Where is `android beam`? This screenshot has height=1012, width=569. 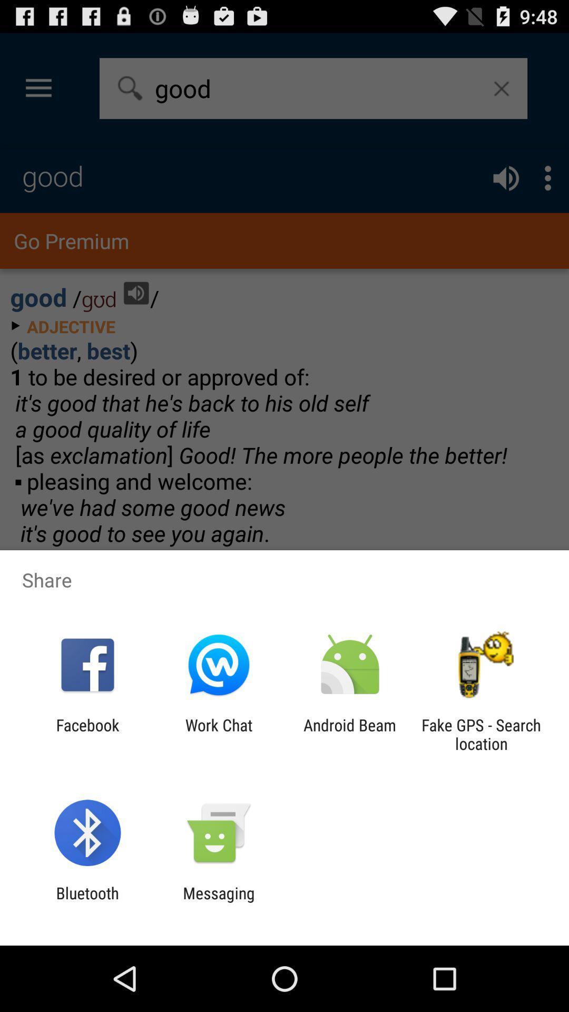 android beam is located at coordinates (350, 734).